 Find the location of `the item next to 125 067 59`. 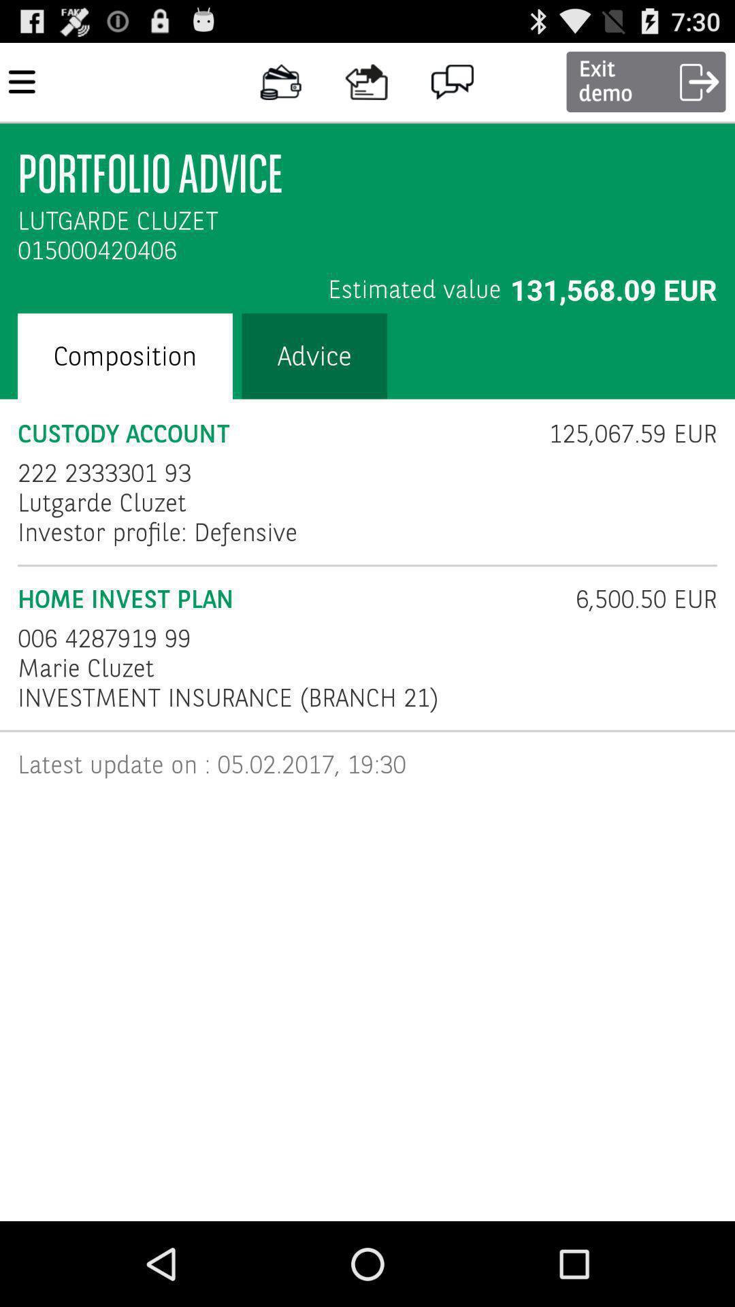

the item next to 125 067 59 is located at coordinates (103, 473).